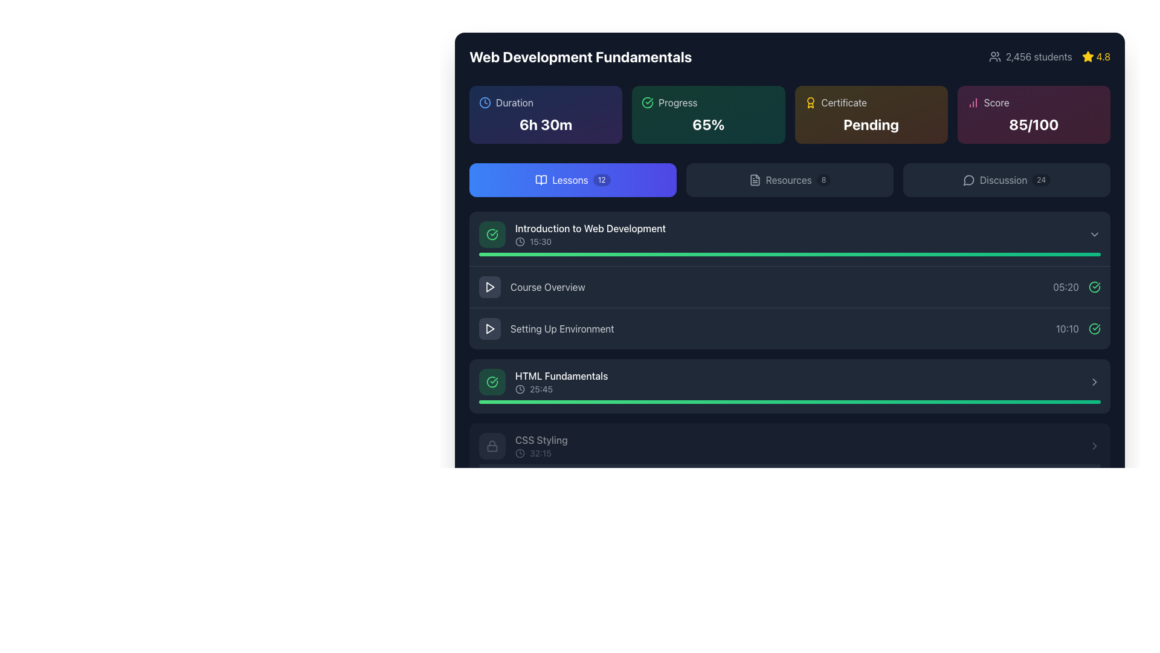 The height and width of the screenshot is (653, 1160). I want to click on the text label indicating time duration located in the upper-left section of the interface, part of a horizontal cluster adjacent to an icon, so click(514, 102).